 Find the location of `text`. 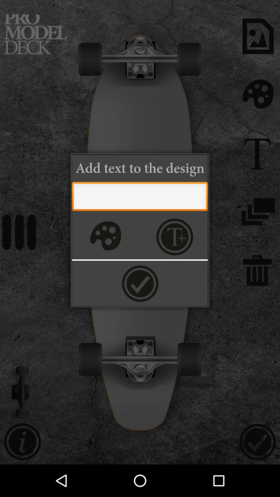

text is located at coordinates (175, 236).